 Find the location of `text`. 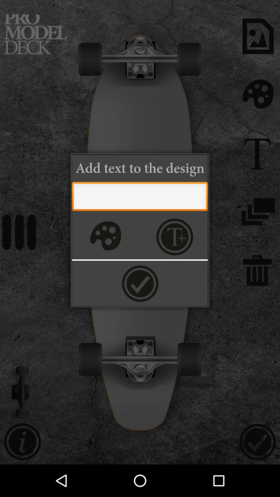

text is located at coordinates (175, 236).